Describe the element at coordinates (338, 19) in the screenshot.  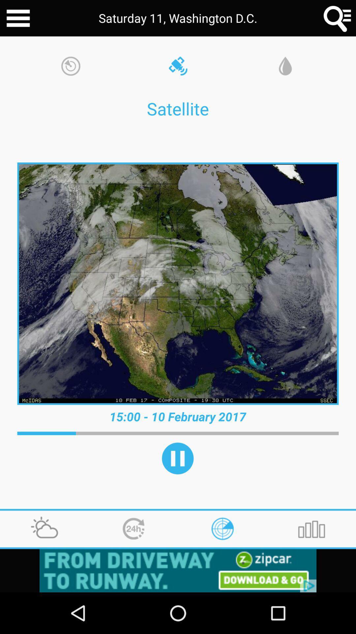
I see `the search icon` at that location.